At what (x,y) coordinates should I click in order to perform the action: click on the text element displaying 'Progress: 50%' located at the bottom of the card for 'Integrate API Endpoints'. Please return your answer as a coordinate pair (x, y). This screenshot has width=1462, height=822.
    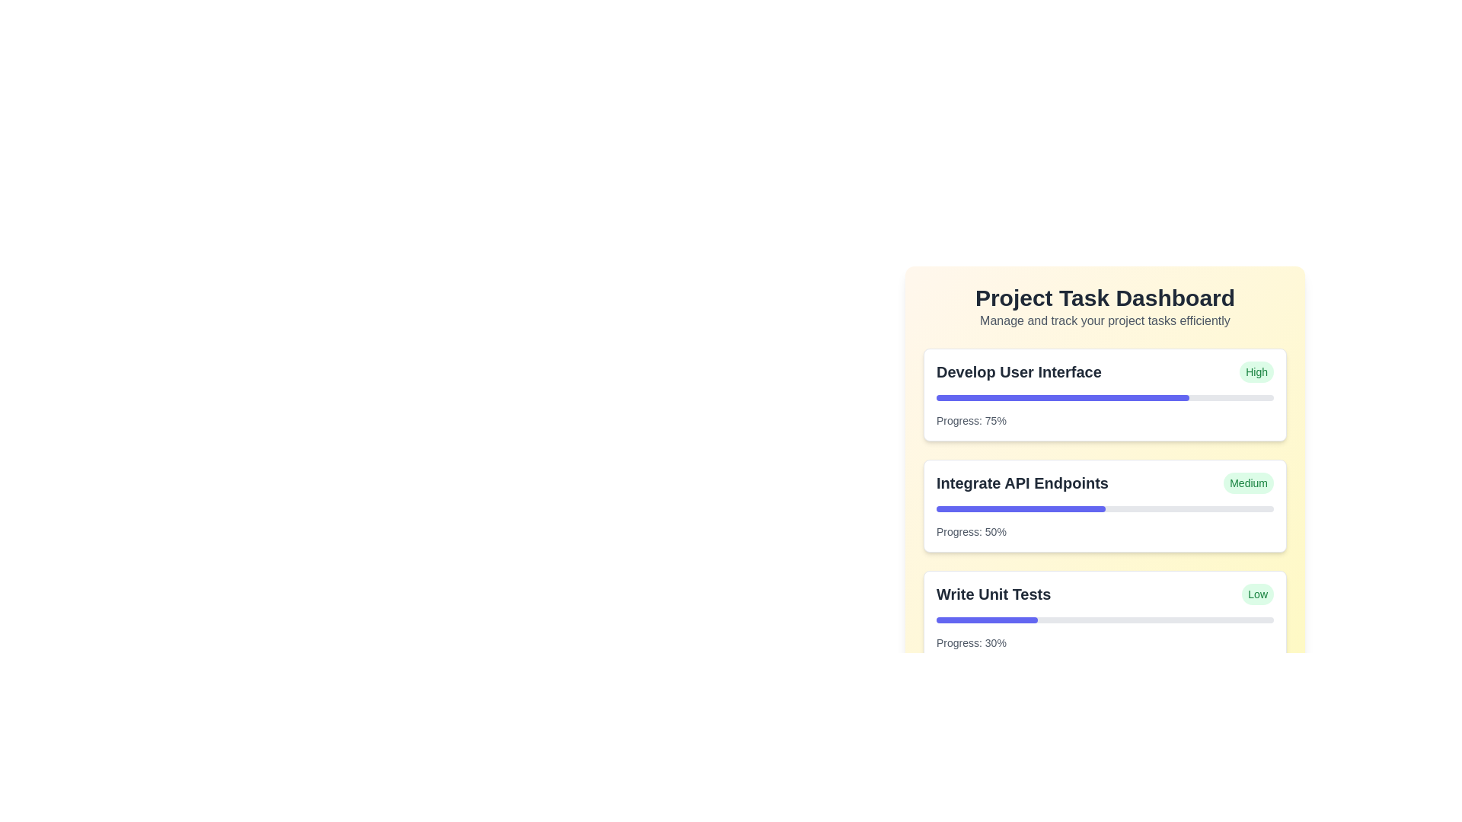
    Looking at the image, I should click on (1105, 530).